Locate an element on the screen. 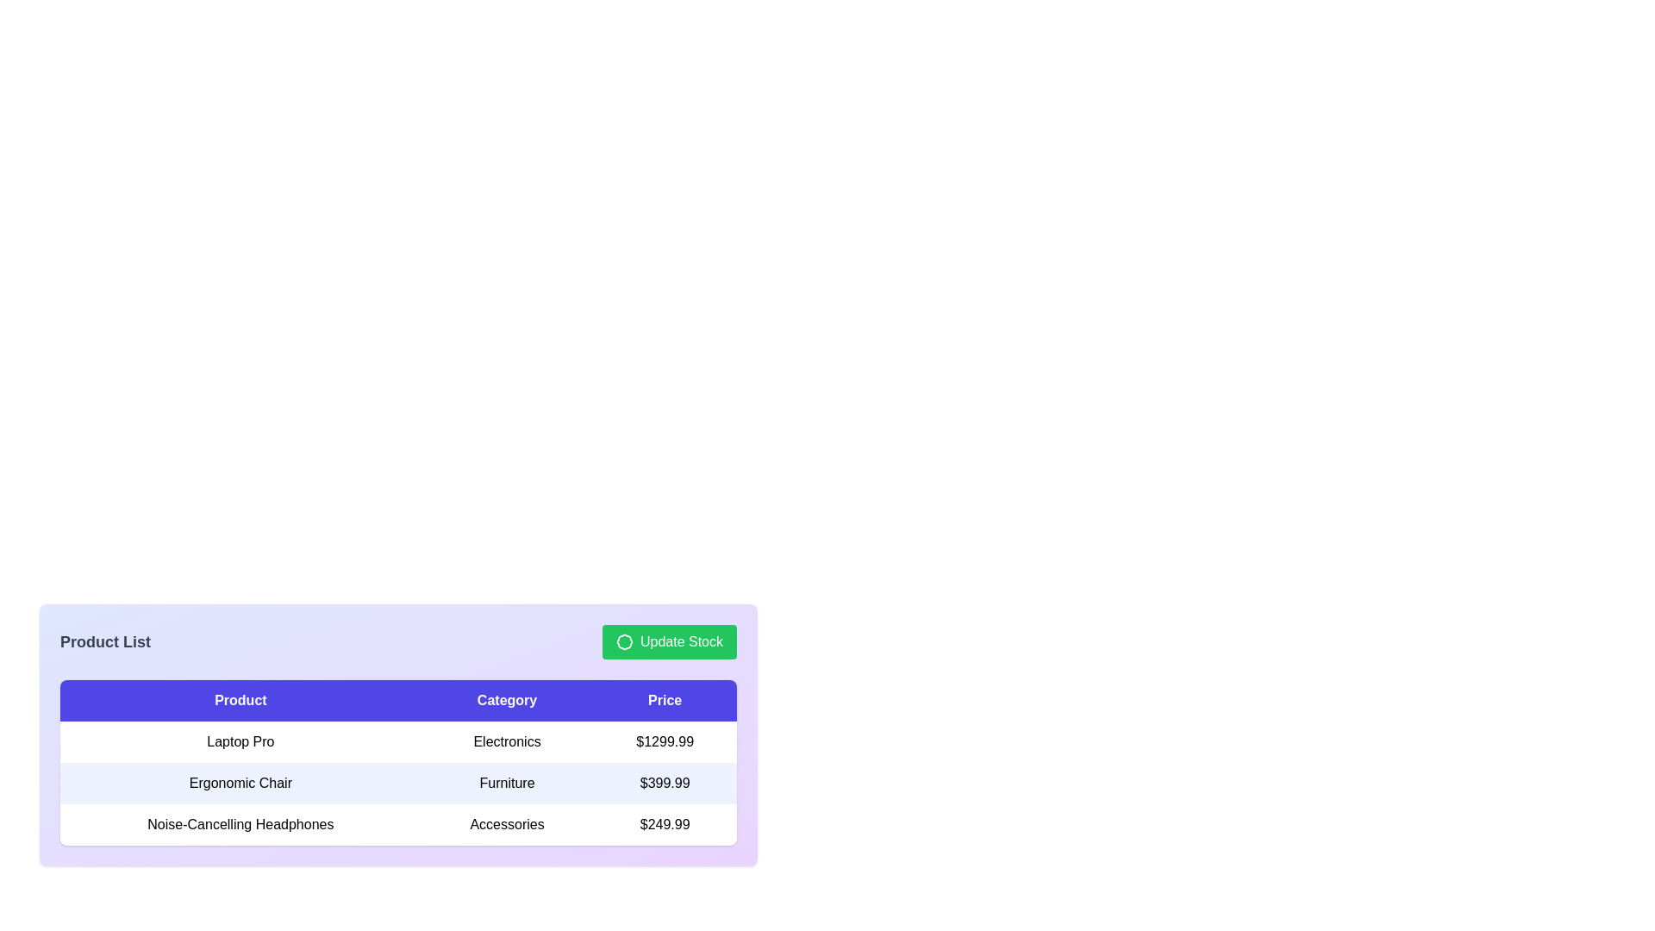 The height and width of the screenshot is (931, 1655). the 'Category' text label that indicates the product type 'Laptop Pro', located in the second column of the first row of the table is located at coordinates (506, 740).